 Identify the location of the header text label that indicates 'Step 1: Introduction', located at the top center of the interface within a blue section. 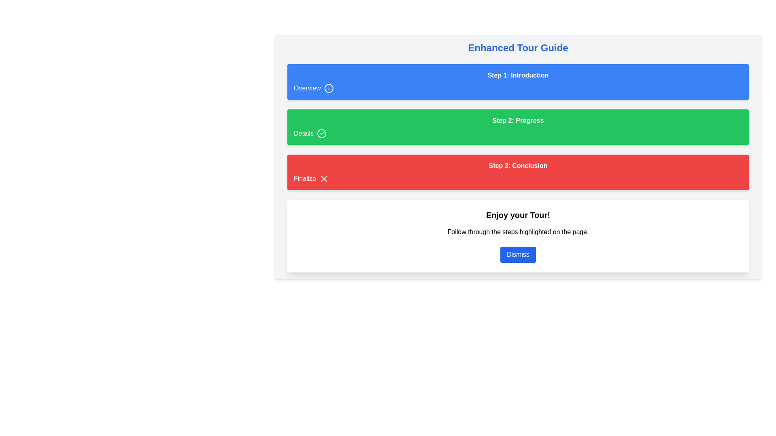
(518, 75).